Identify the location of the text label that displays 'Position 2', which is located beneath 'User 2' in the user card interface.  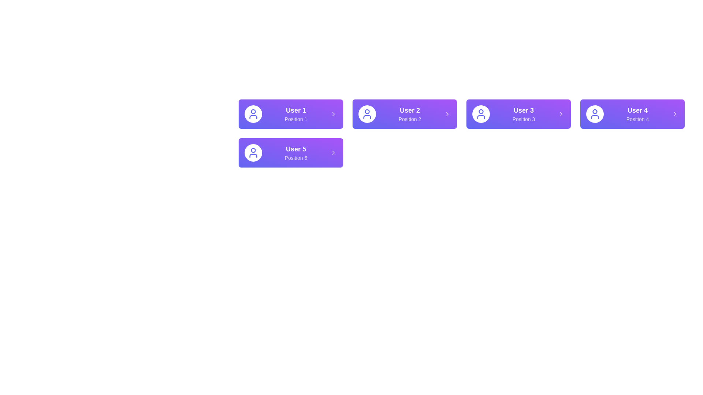
(409, 119).